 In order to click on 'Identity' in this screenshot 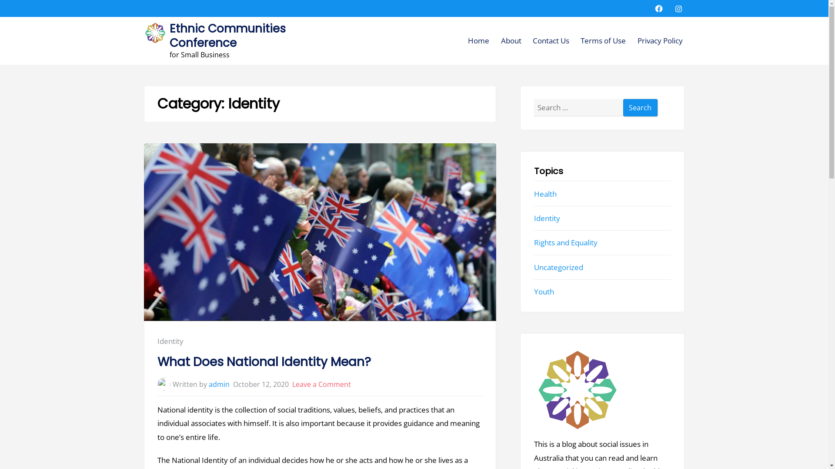, I will do `click(157, 340)`.